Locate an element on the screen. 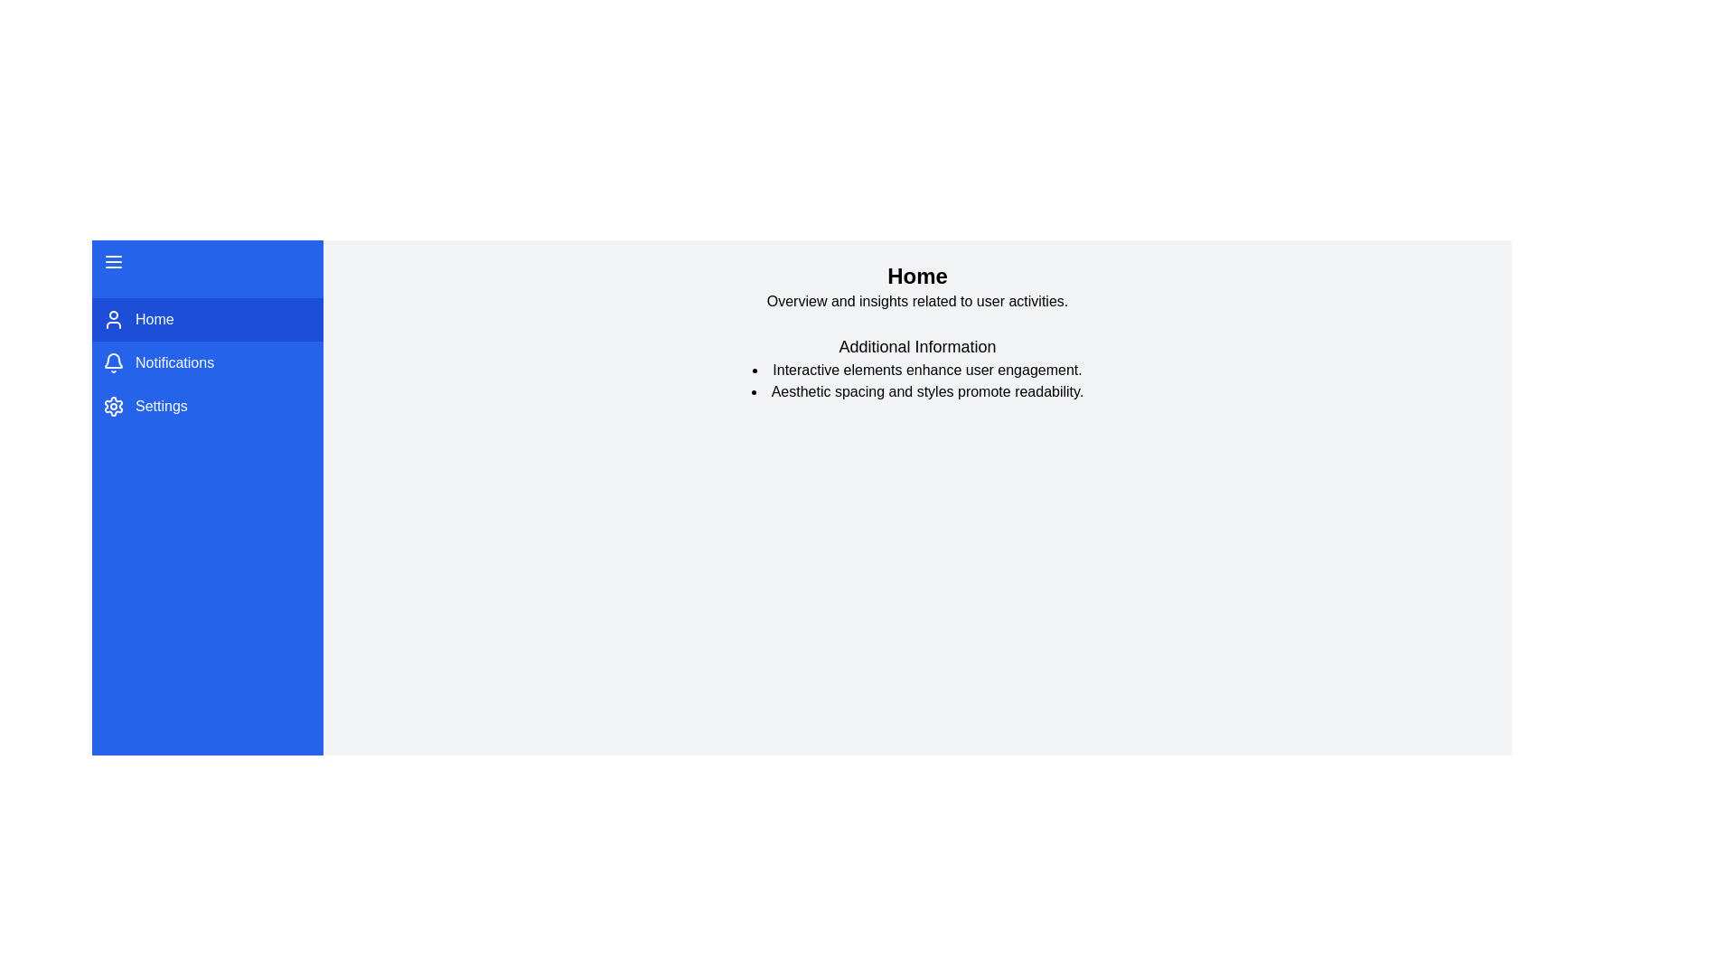 The height and width of the screenshot is (976, 1735). the Home section from the sidebar menu is located at coordinates (208, 319).